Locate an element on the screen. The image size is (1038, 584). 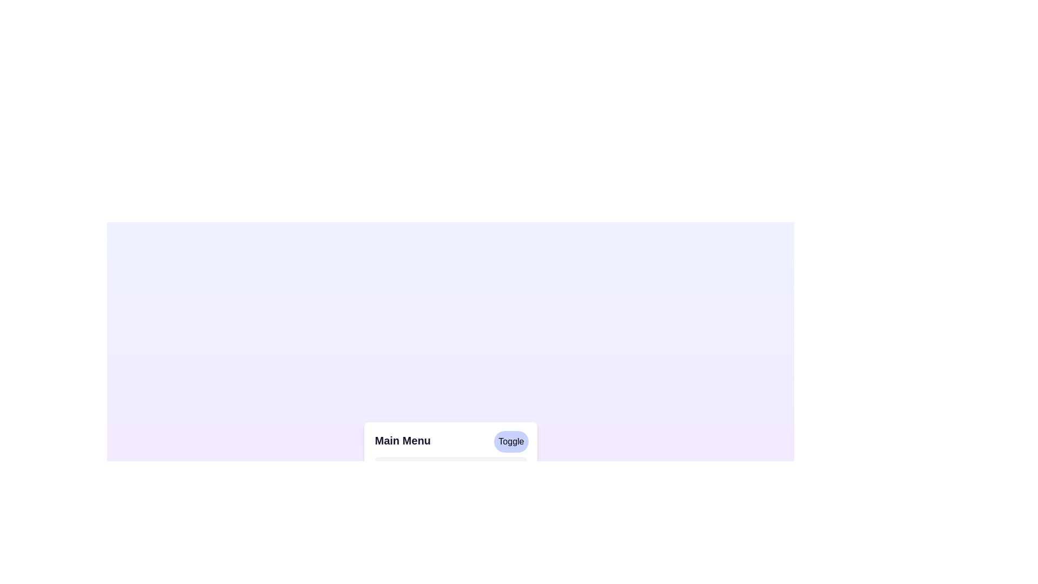
the 'Toggle' button to toggle the menu visibility is located at coordinates (510, 442).